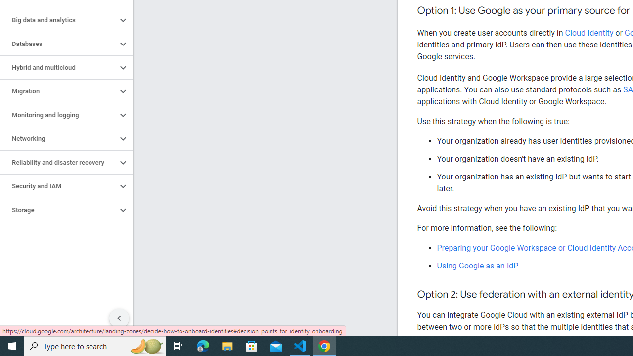 The width and height of the screenshot is (633, 356). What do you see at coordinates (119, 318) in the screenshot?
I see `'Hide side navigation'` at bounding box center [119, 318].